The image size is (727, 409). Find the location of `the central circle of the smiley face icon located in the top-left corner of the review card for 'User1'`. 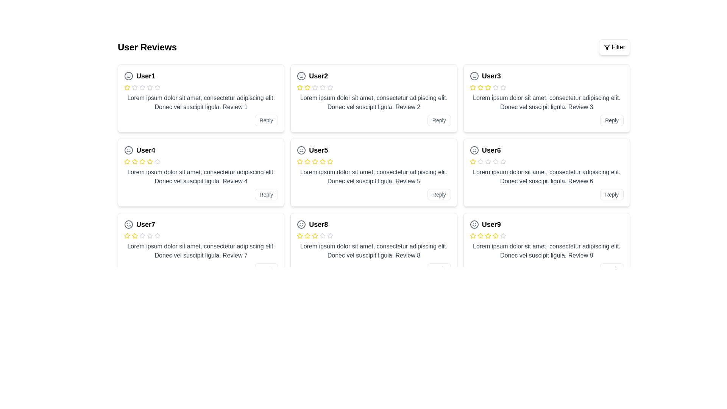

the central circle of the smiley face icon located in the top-left corner of the review card for 'User1' is located at coordinates (129, 76).